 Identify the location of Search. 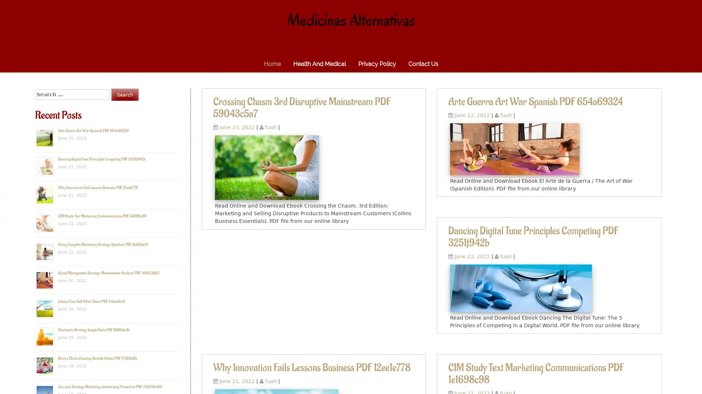
(125, 94).